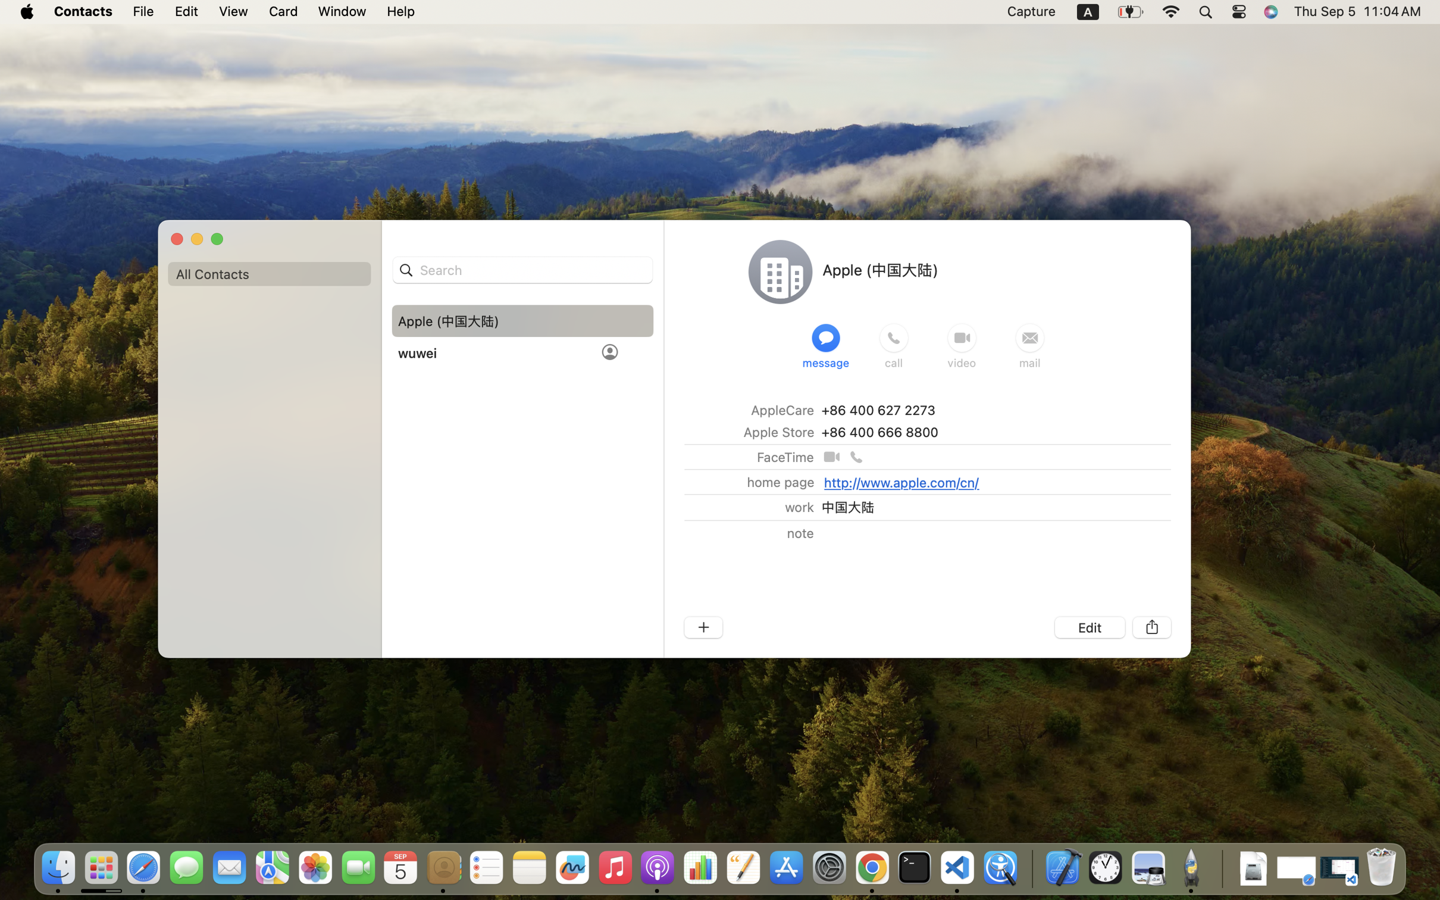 Image resolution: width=1440 pixels, height=900 pixels. Describe the element at coordinates (778, 432) in the screenshot. I see `'Apple Store'` at that location.